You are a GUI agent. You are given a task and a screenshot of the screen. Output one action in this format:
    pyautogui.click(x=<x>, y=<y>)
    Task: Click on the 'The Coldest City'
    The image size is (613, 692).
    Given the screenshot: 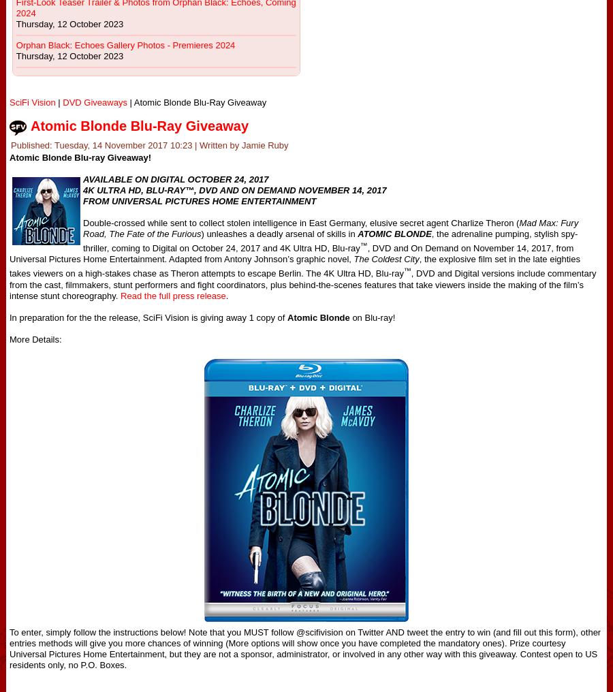 What is the action you would take?
    pyautogui.click(x=386, y=259)
    